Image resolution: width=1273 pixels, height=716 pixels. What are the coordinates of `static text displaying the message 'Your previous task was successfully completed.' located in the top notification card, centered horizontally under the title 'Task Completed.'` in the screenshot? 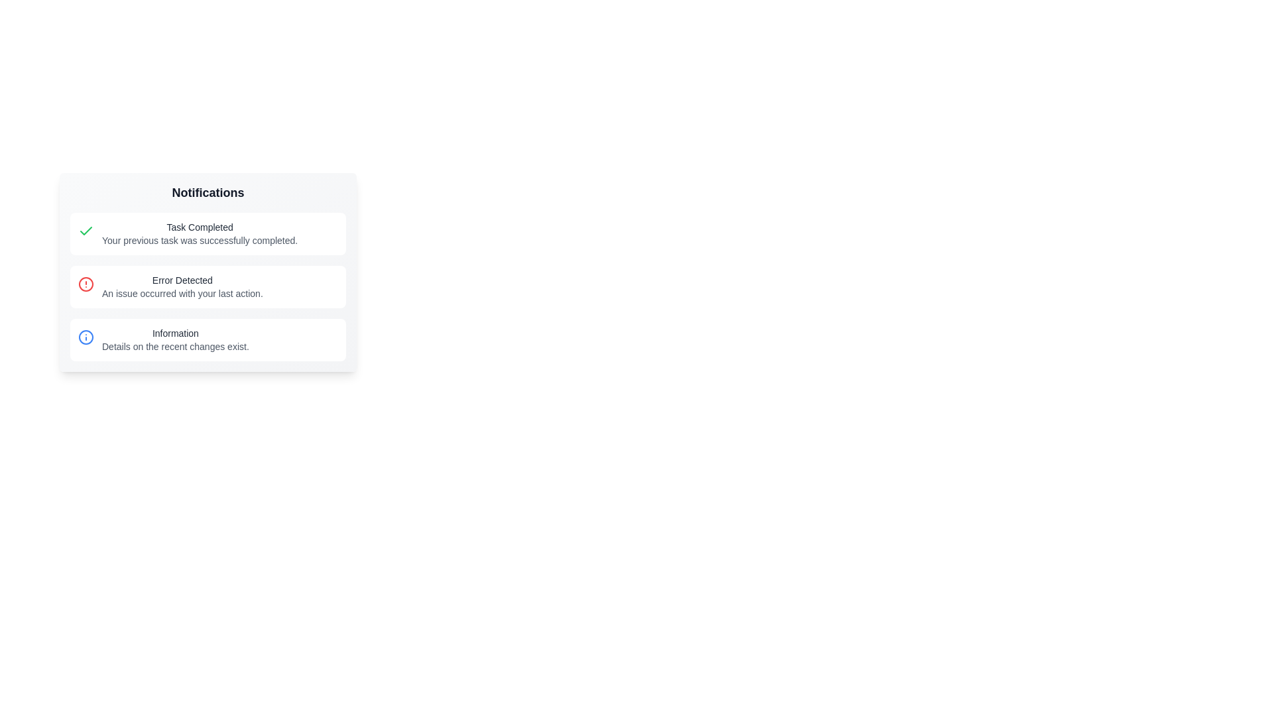 It's located at (199, 240).